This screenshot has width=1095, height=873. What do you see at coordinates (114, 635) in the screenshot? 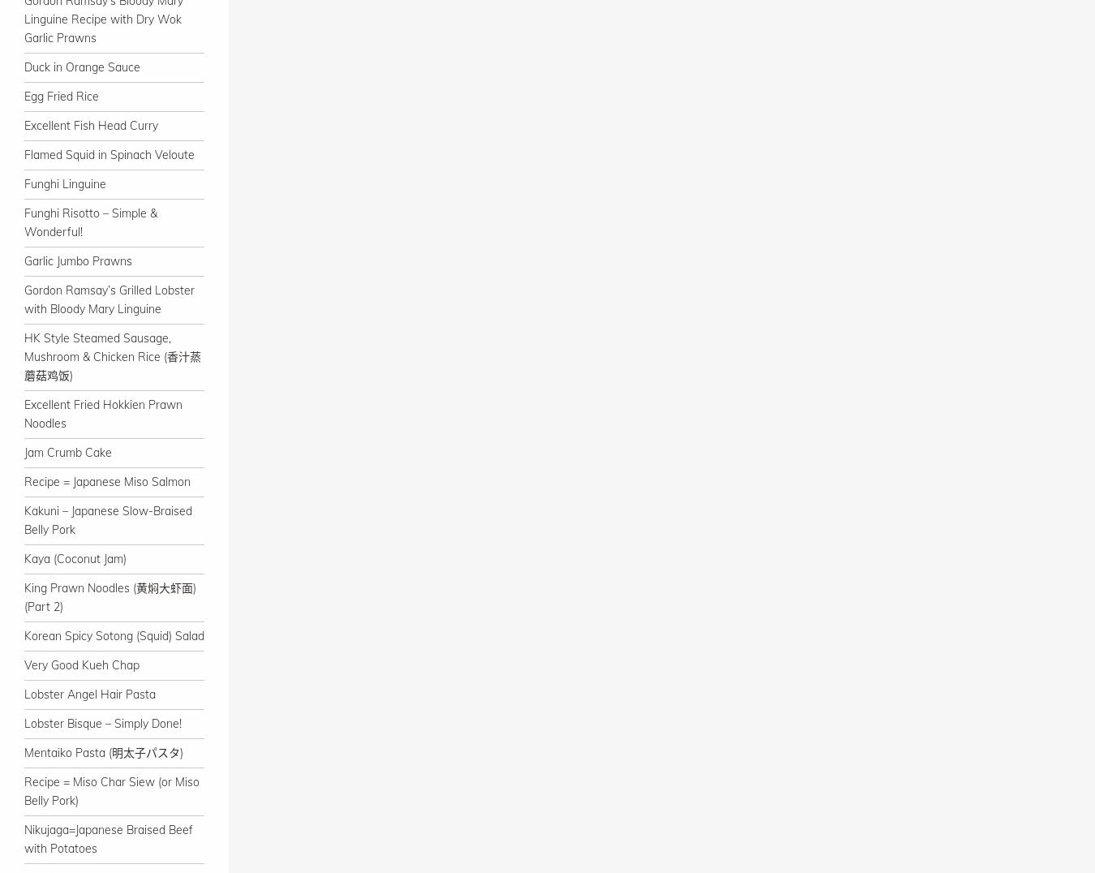
I see `'Korean Spicy Sotong (Squid) Salad'` at bounding box center [114, 635].